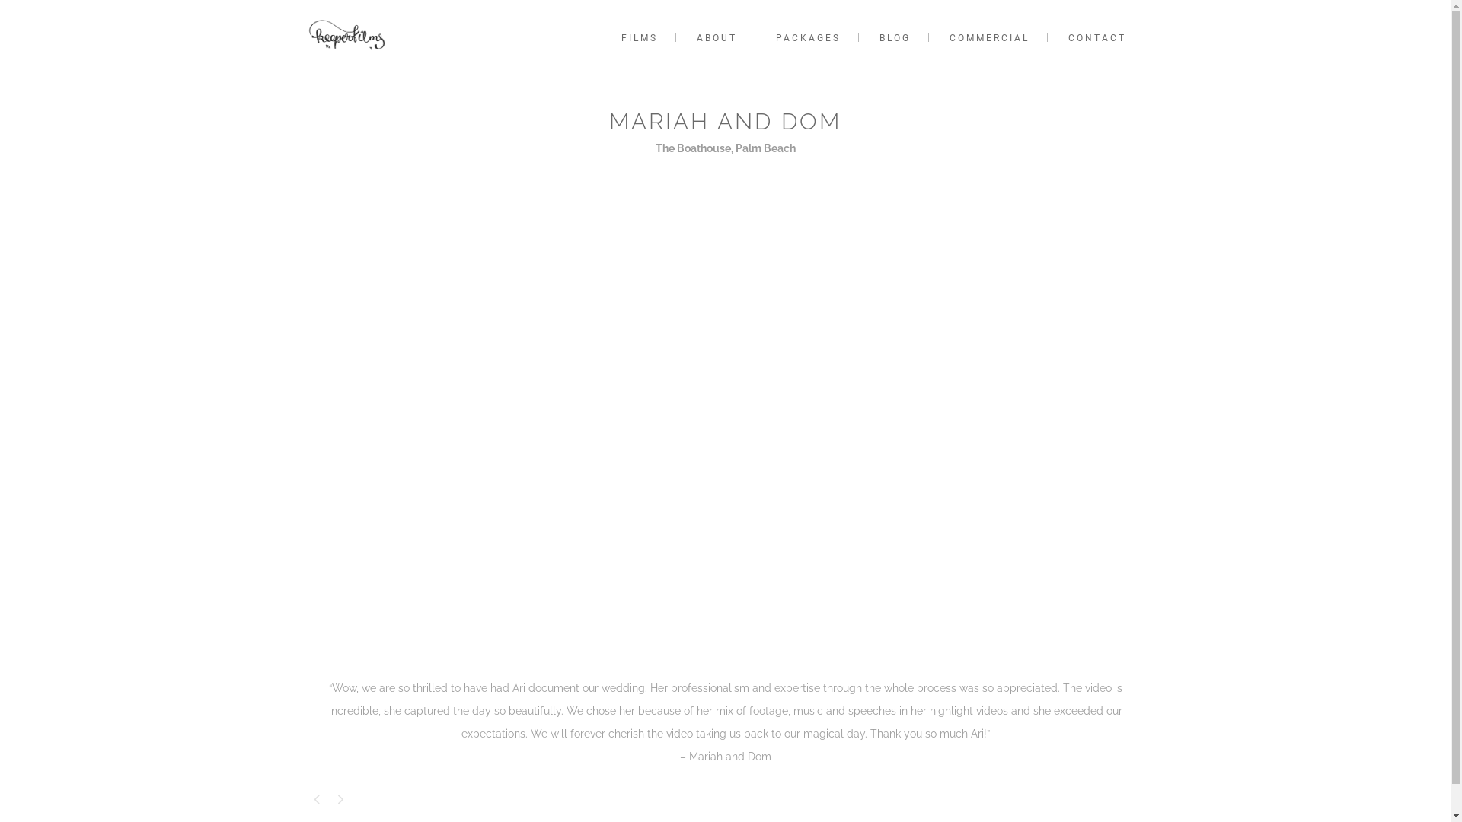  Describe the element at coordinates (1096, 37) in the screenshot. I see `'CONTACT'` at that location.